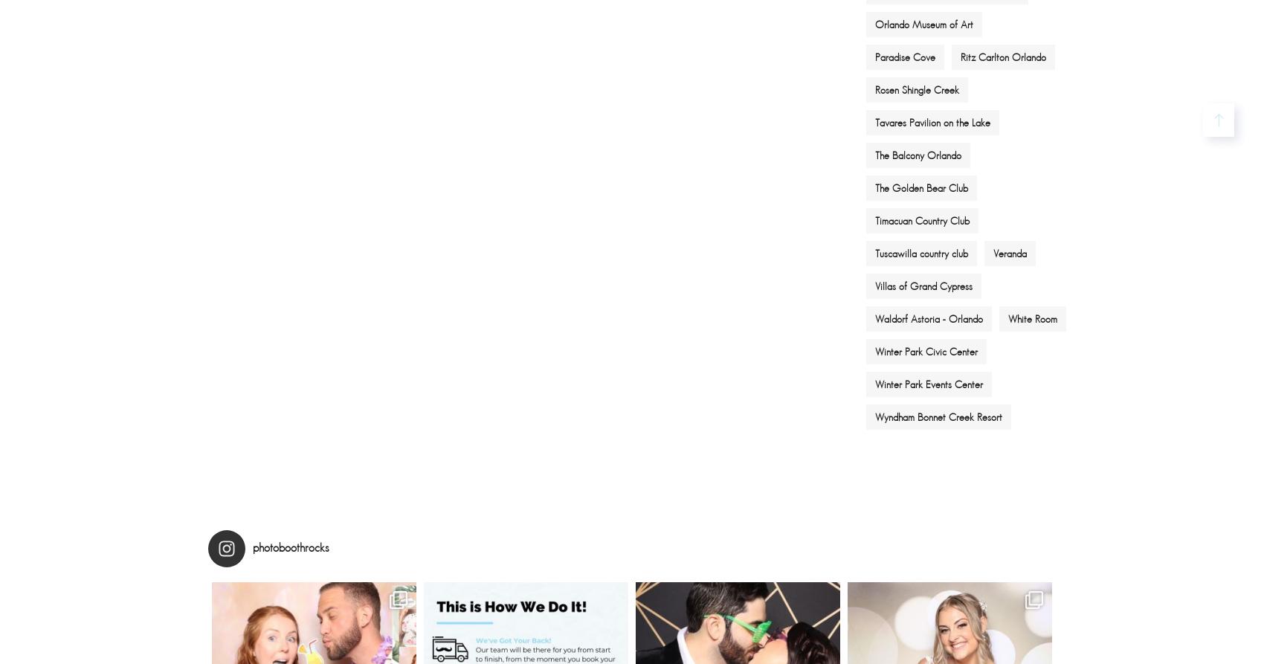  Describe the element at coordinates (904, 56) in the screenshot. I see `'Paradise Cove'` at that location.